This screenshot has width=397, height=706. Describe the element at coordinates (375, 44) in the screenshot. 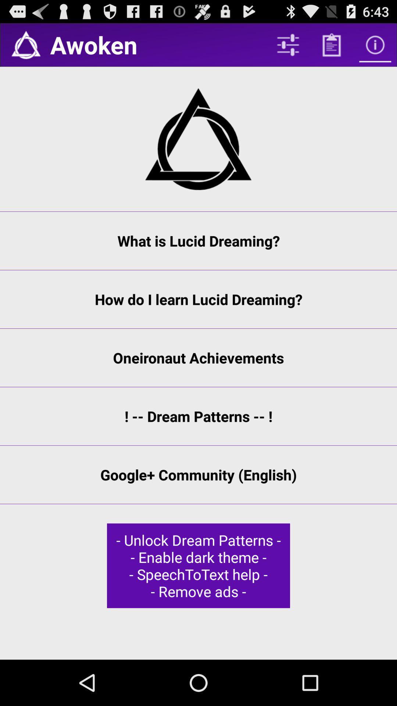

I see `more information` at that location.